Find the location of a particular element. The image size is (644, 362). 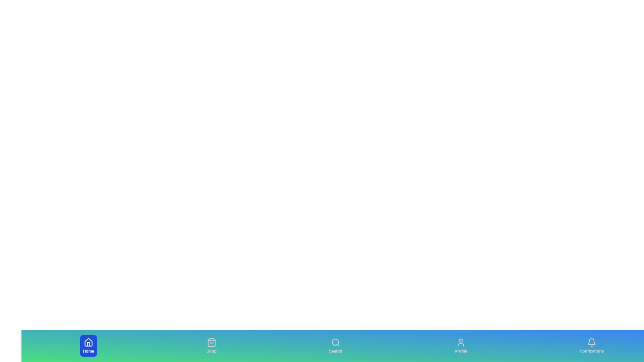

the Search tab to select it is located at coordinates (335, 346).